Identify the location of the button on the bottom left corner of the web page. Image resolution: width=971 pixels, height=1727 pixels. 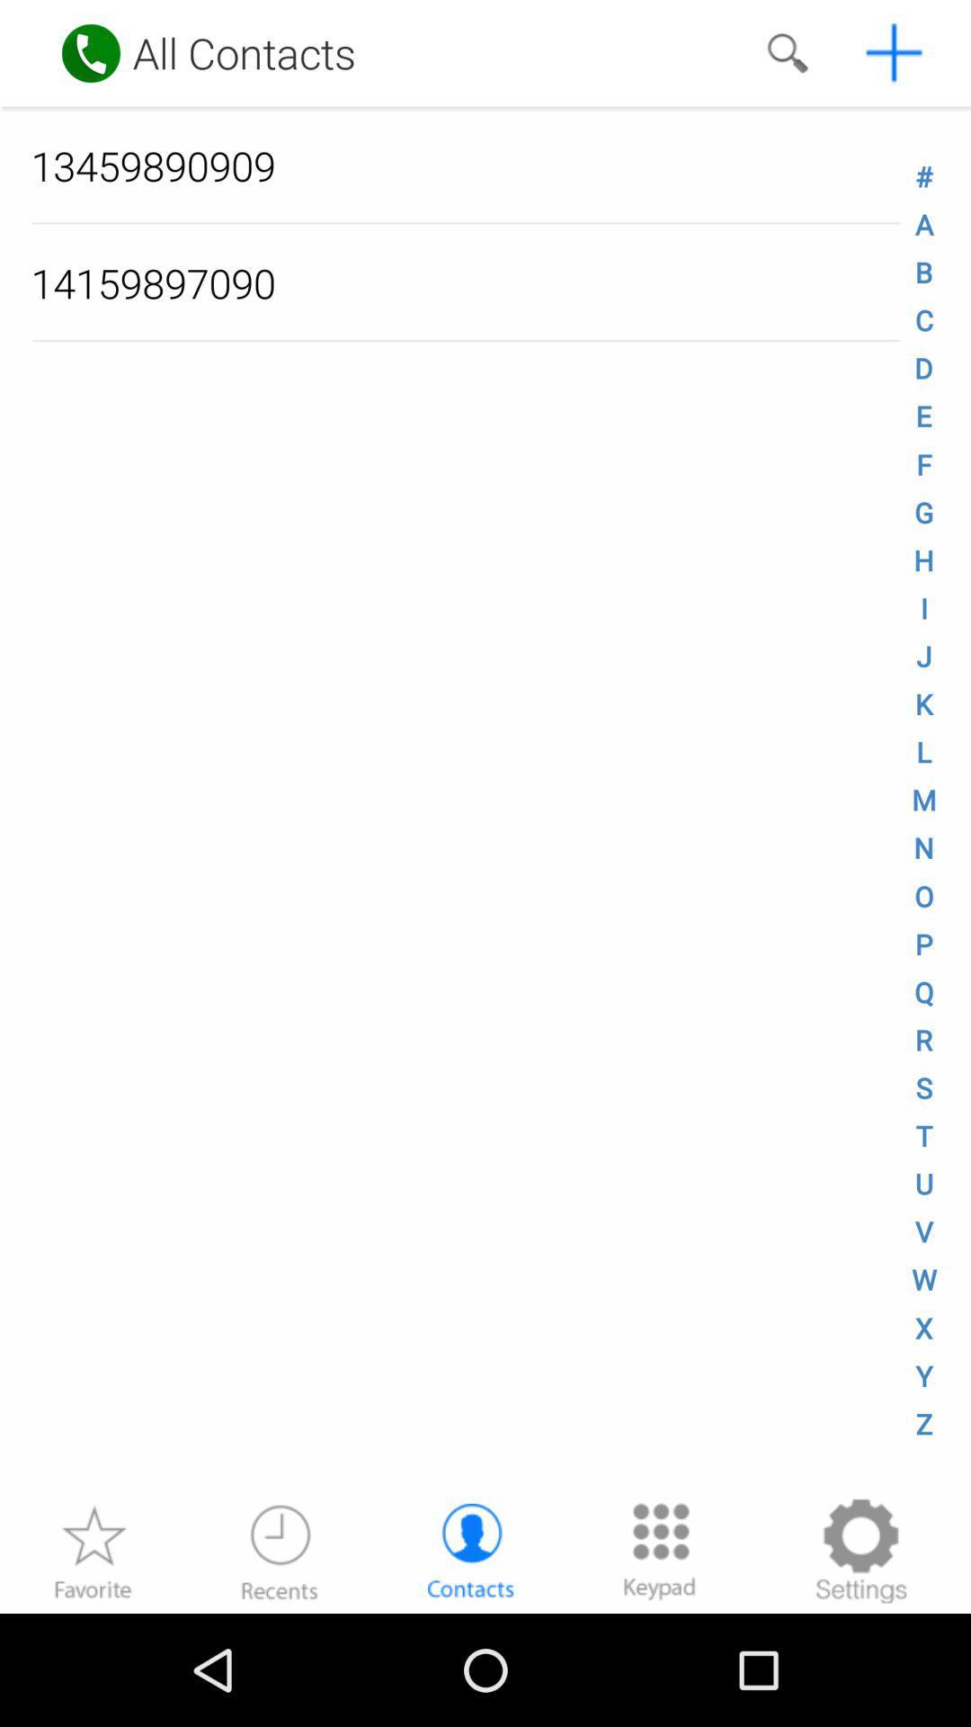
(93, 1550).